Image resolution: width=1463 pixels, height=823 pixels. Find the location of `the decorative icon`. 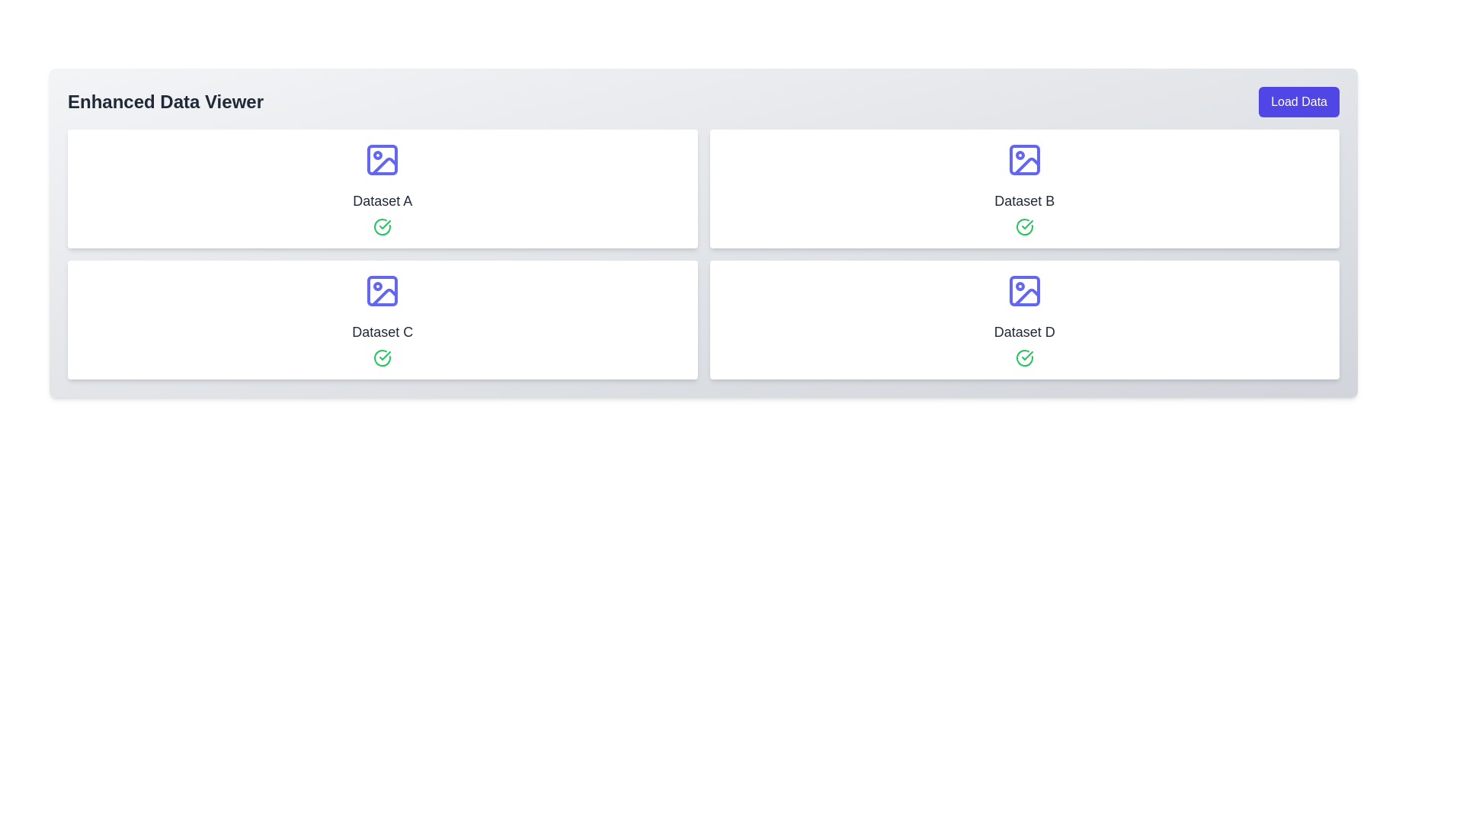

the decorative icon is located at coordinates (385, 166).